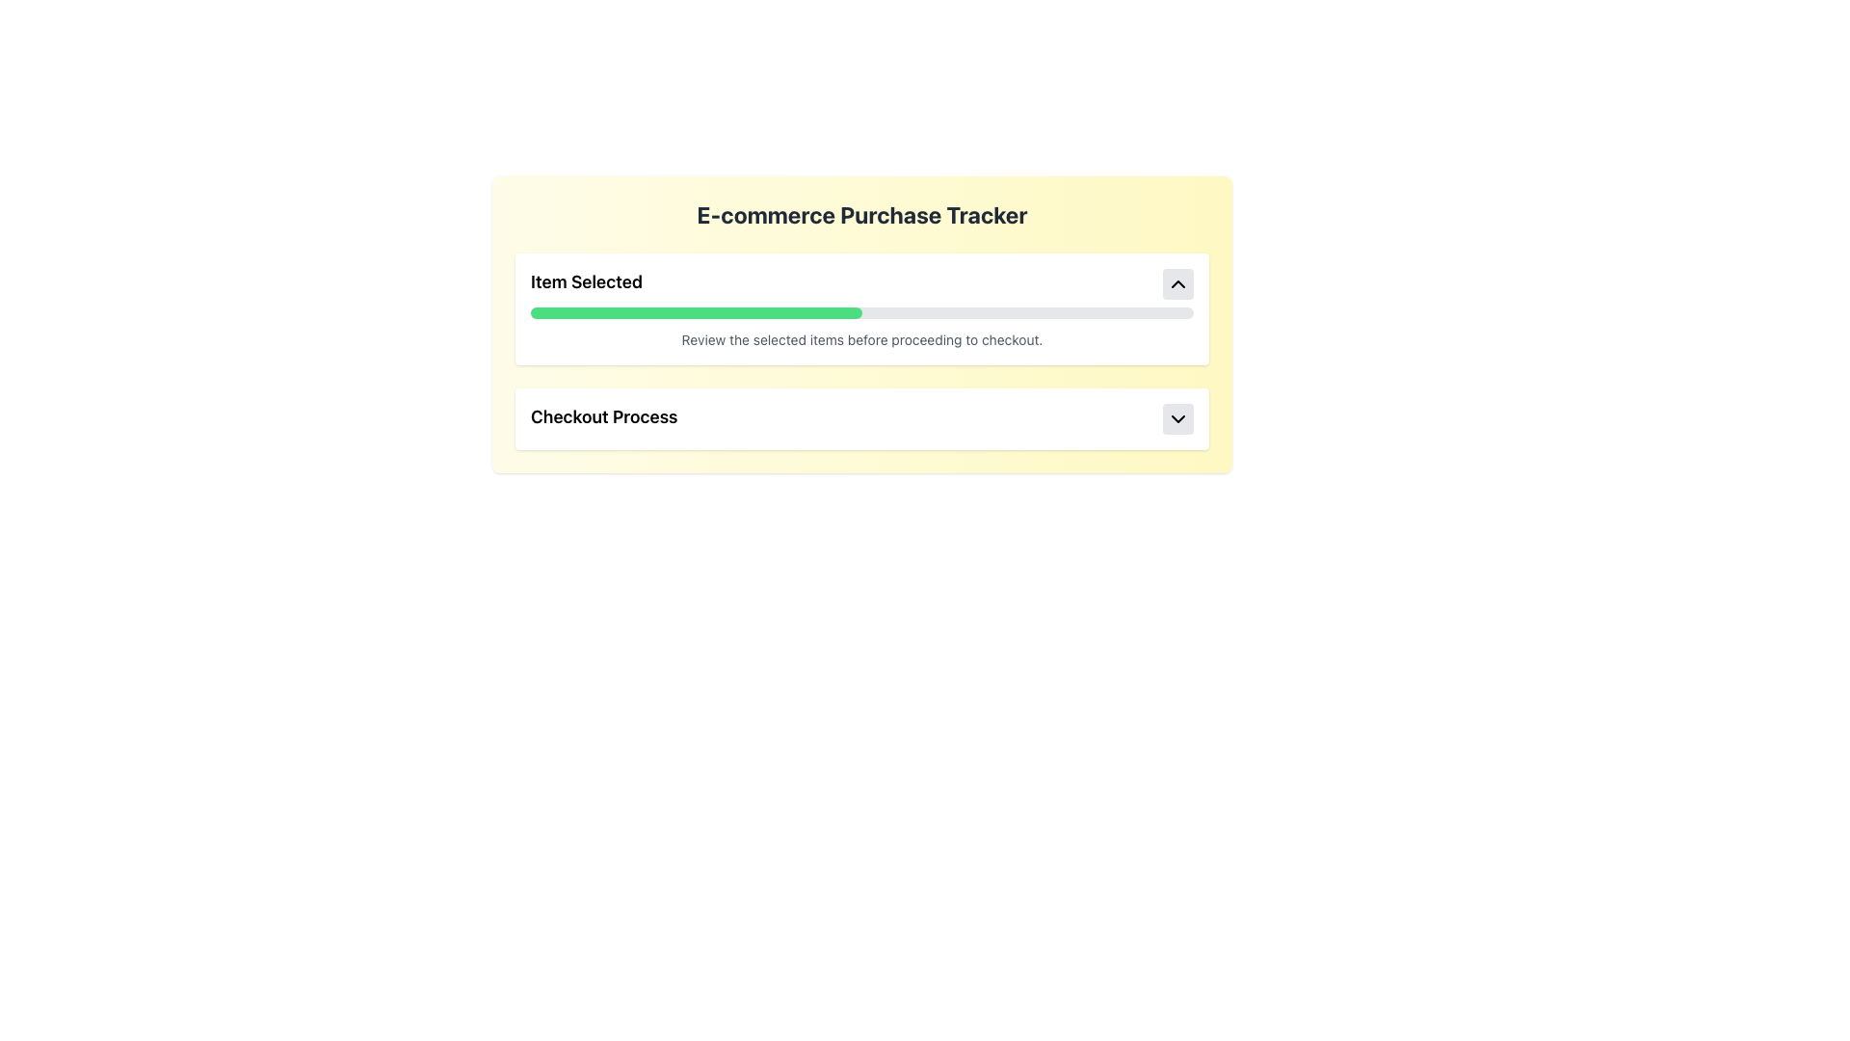 Image resolution: width=1850 pixels, height=1041 pixels. What do you see at coordinates (603, 418) in the screenshot?
I see `the 'Checkout Process' text label, which serves as the title for the current section in the user interface` at bounding box center [603, 418].